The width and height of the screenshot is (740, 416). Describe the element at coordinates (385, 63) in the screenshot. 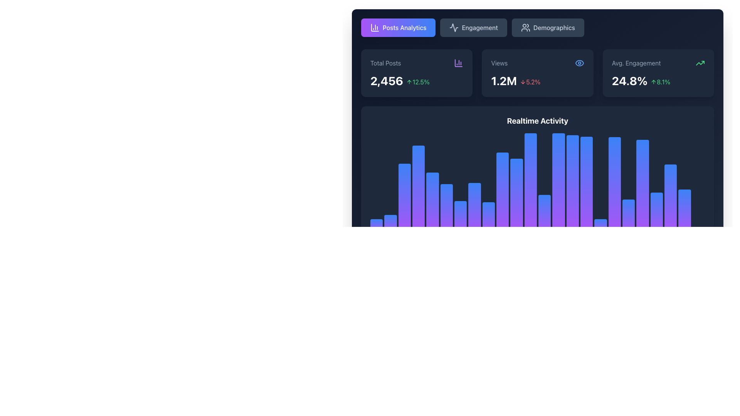

I see `the 'Total Posts' text label displayed in light gray against a dark blue background, located above the number '2,456' and to the left of a column chart icon` at that location.